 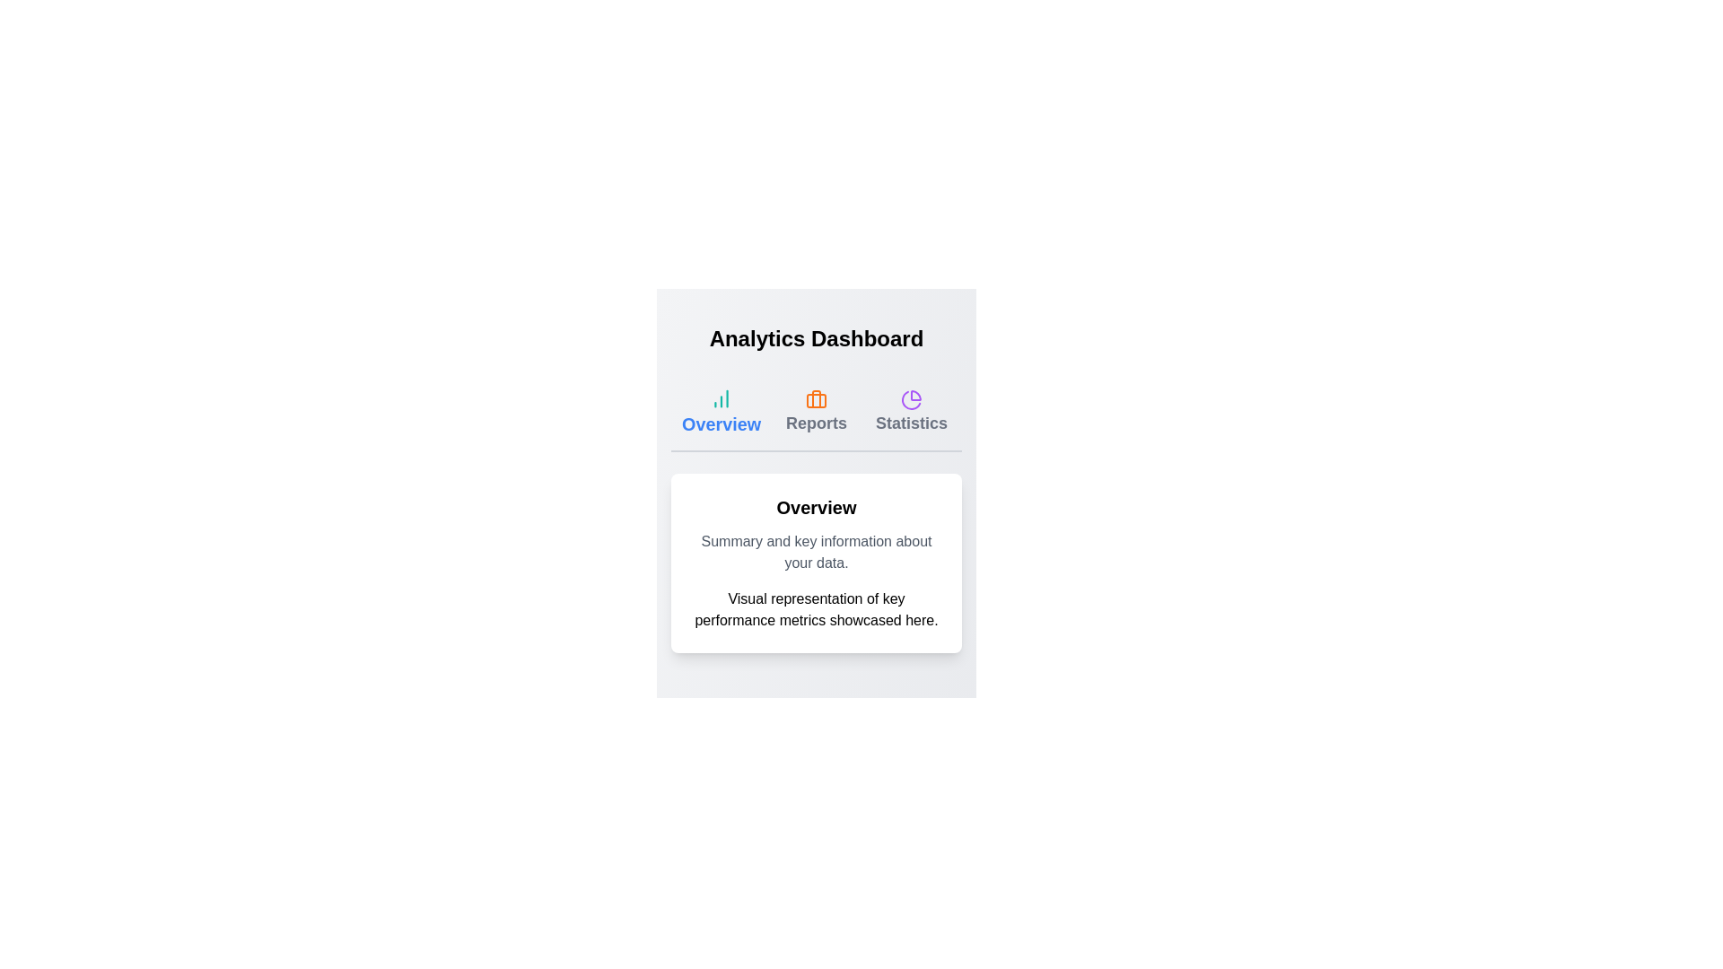 I want to click on the Overview tab, so click(x=722, y=412).